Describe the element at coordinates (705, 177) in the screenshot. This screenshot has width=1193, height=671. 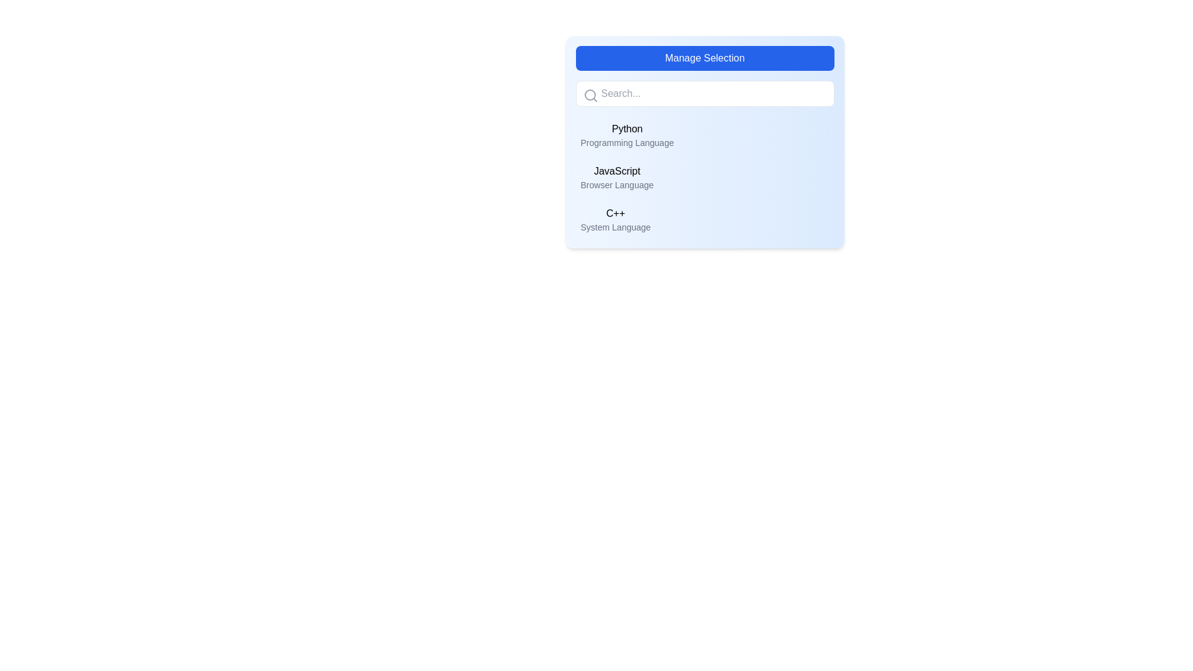
I see `the second item in the selectable list of programming languages, specifically the JavaScript option` at that location.